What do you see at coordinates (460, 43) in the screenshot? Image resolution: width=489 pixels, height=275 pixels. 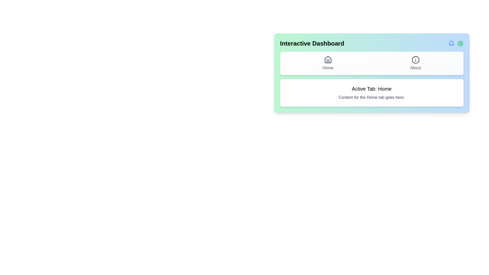 I see `the green gear-shaped settings icon located on the right-hand side of the top bar` at bounding box center [460, 43].